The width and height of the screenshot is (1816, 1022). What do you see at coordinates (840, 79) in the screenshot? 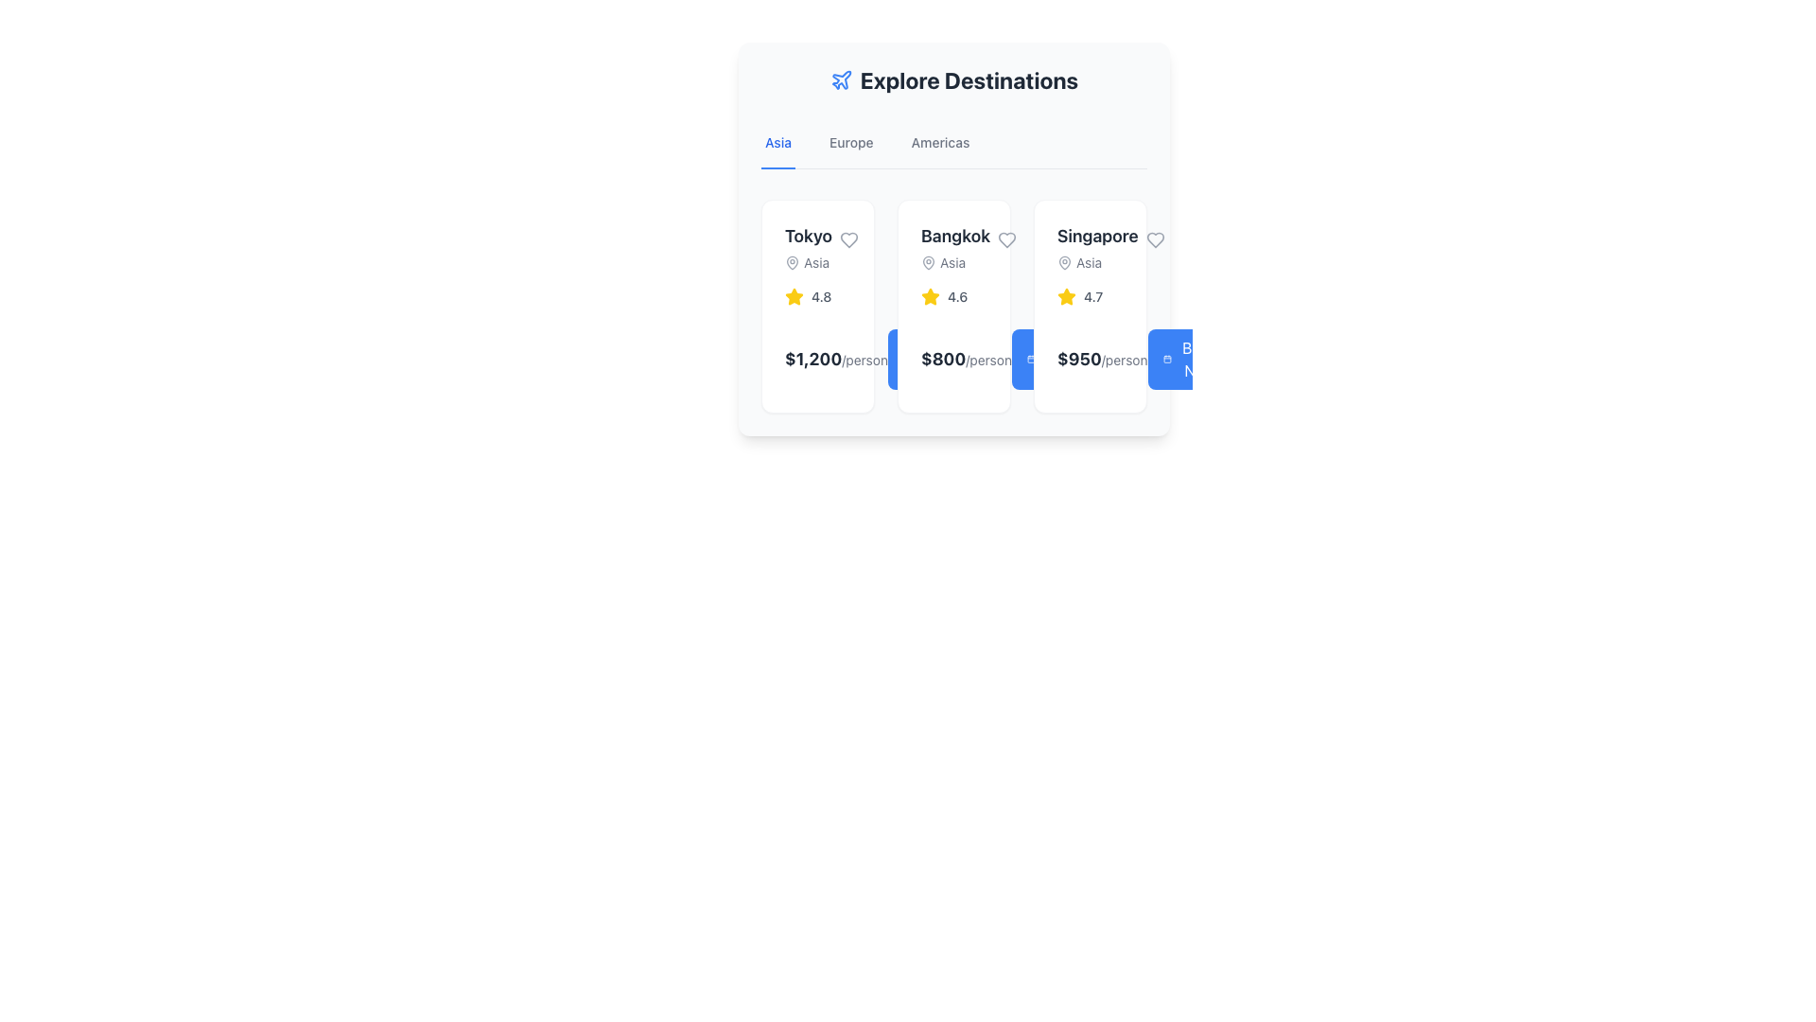
I see `the travel plane icon that signifies travel or exploration, located to the left of the text 'Explore Destinations'` at bounding box center [840, 79].